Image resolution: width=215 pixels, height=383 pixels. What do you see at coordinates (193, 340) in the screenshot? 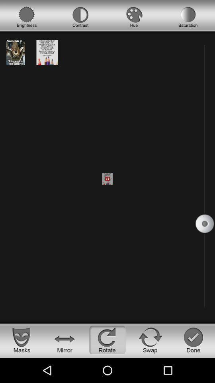
I see `finish editing` at bounding box center [193, 340].